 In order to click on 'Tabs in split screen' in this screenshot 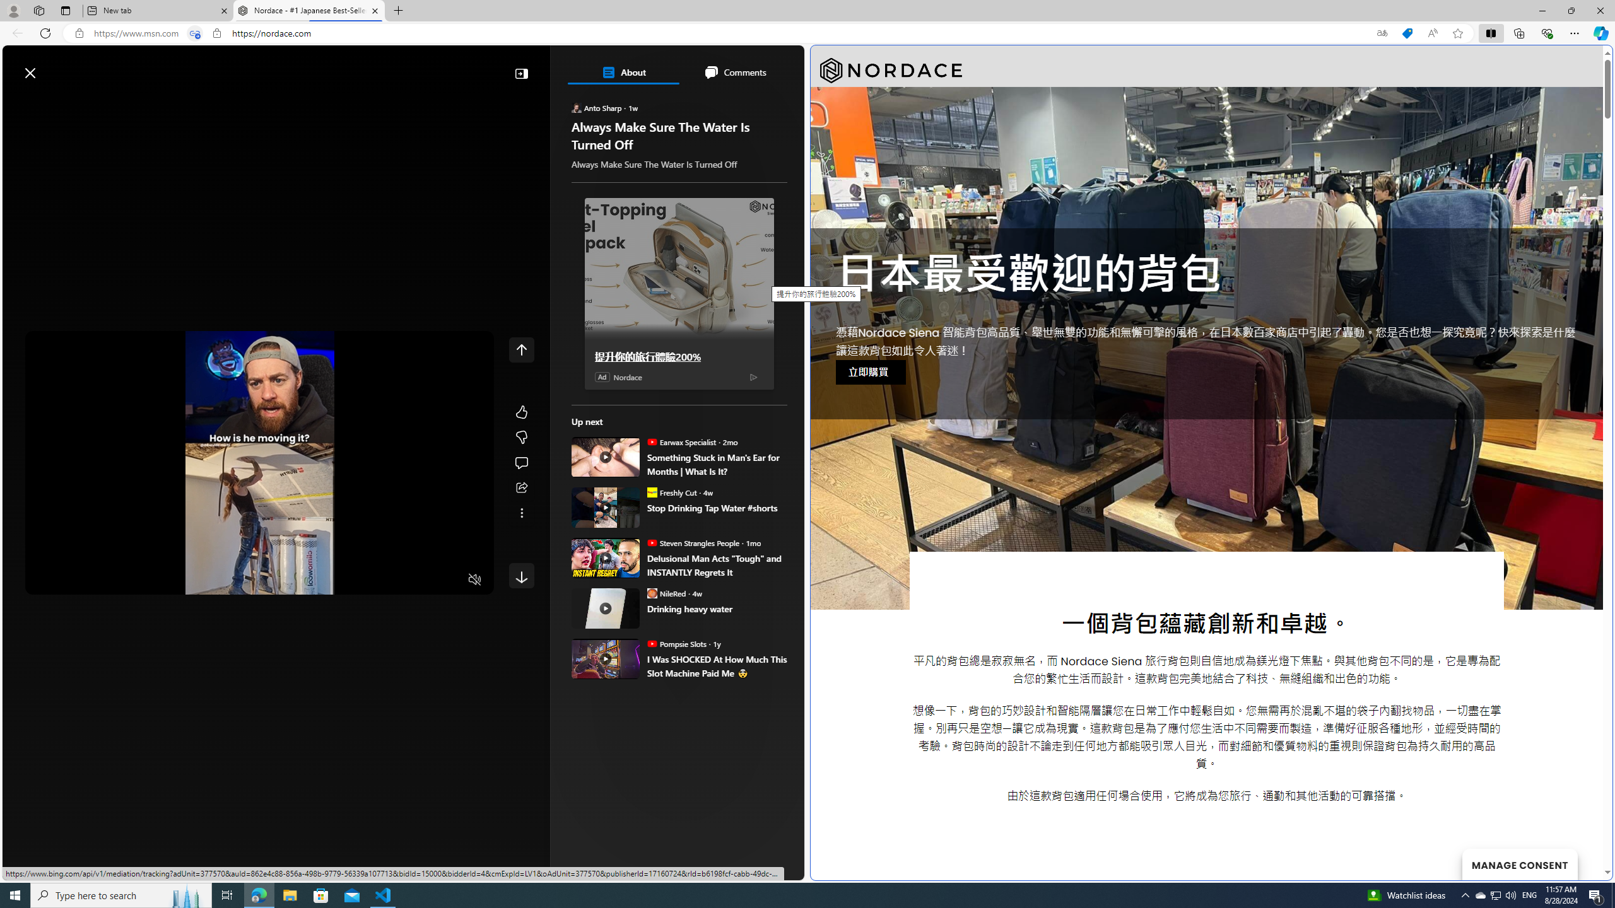, I will do `click(195, 33)`.